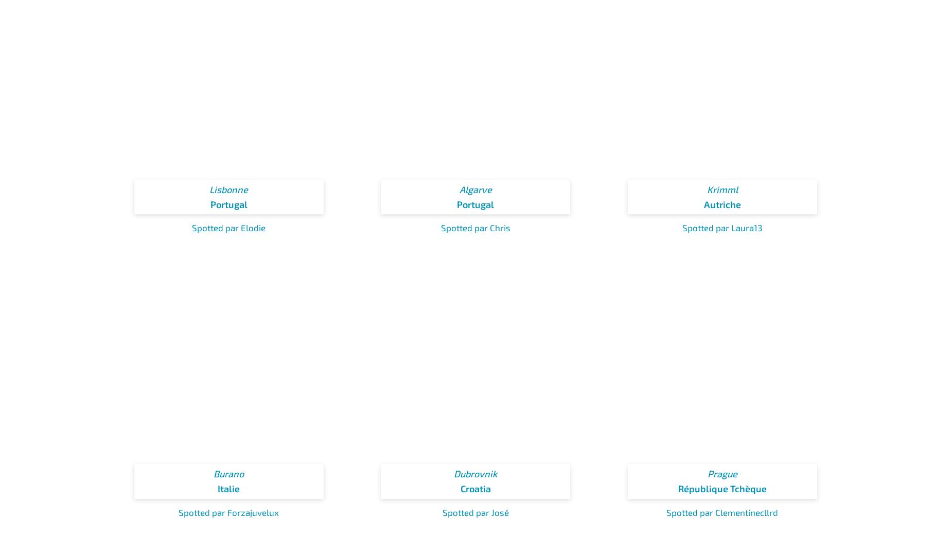 This screenshot has height=553, width=952. What do you see at coordinates (442, 511) in the screenshot?
I see `'Spotted par José'` at bounding box center [442, 511].